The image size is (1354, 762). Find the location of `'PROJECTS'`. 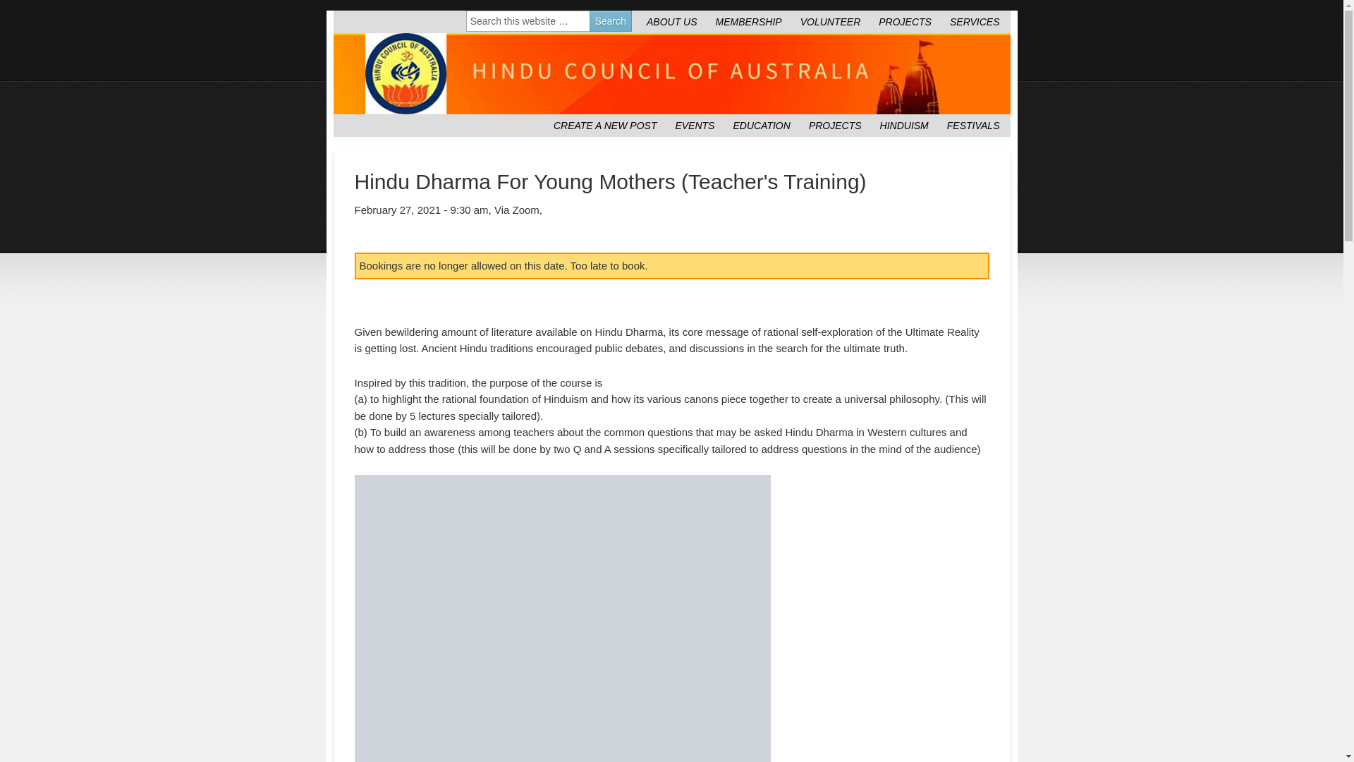

'PROJECTS' is located at coordinates (835, 124).